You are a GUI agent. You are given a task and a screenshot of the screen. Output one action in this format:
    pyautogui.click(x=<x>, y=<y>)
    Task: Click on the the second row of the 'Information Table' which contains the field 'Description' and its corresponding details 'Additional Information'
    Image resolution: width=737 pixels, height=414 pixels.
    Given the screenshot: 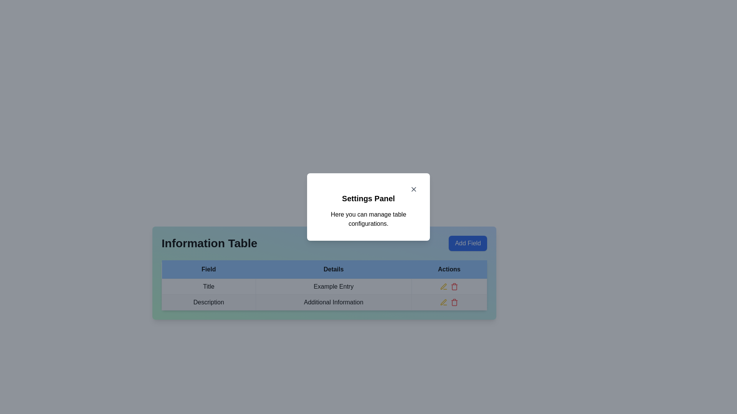 What is the action you would take?
    pyautogui.click(x=324, y=302)
    